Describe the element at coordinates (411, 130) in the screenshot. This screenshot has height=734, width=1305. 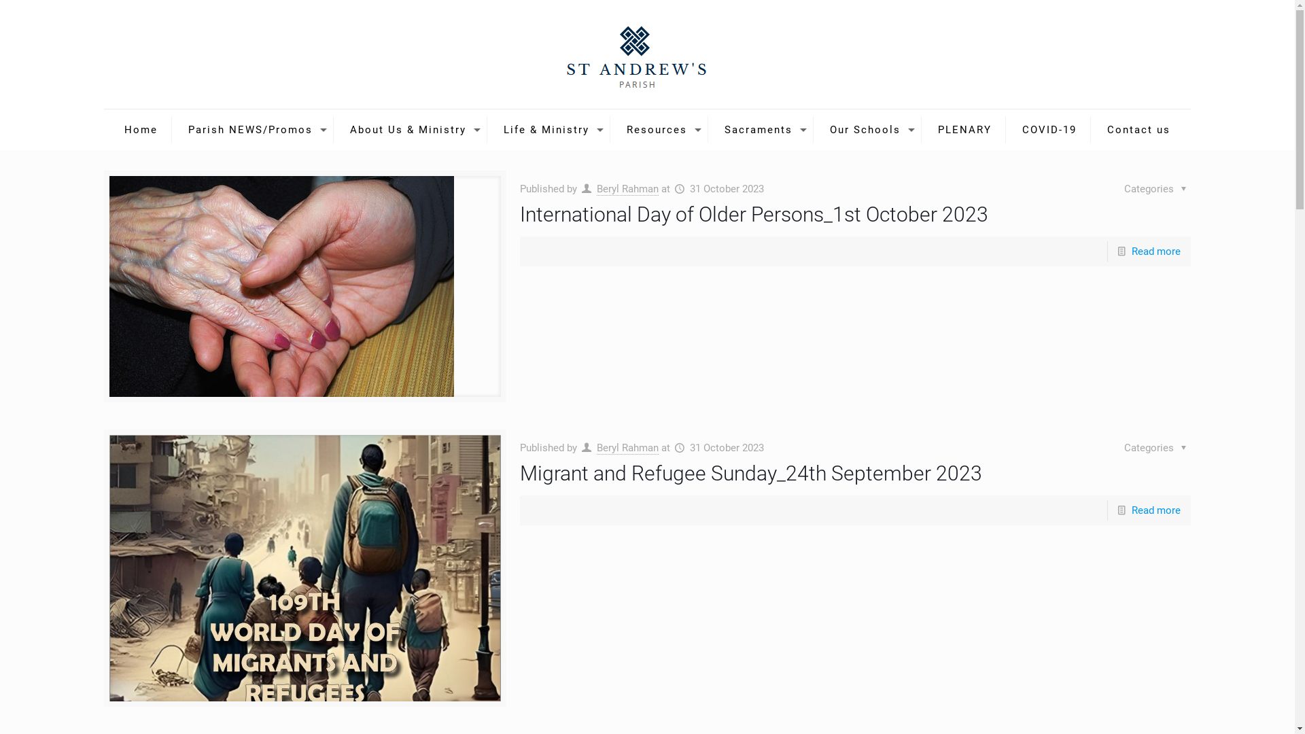
I see `'About Us & Ministry'` at that location.